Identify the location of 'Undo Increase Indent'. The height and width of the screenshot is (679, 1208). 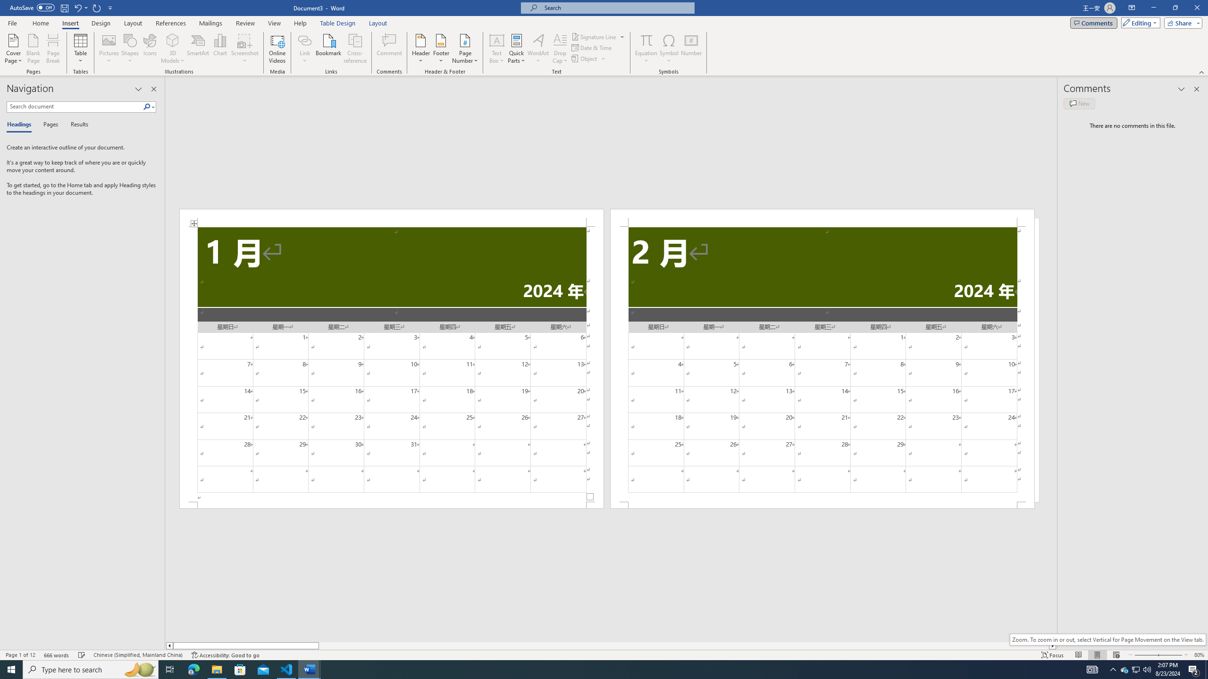
(77, 7).